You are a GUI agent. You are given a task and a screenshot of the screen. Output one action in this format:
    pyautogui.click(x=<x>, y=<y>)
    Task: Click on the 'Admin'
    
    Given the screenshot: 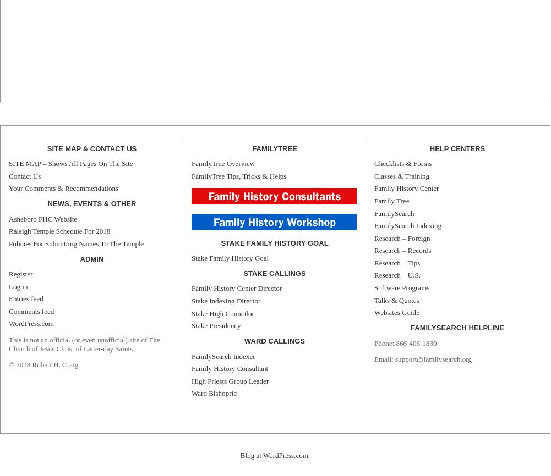 What is the action you would take?
    pyautogui.click(x=91, y=258)
    